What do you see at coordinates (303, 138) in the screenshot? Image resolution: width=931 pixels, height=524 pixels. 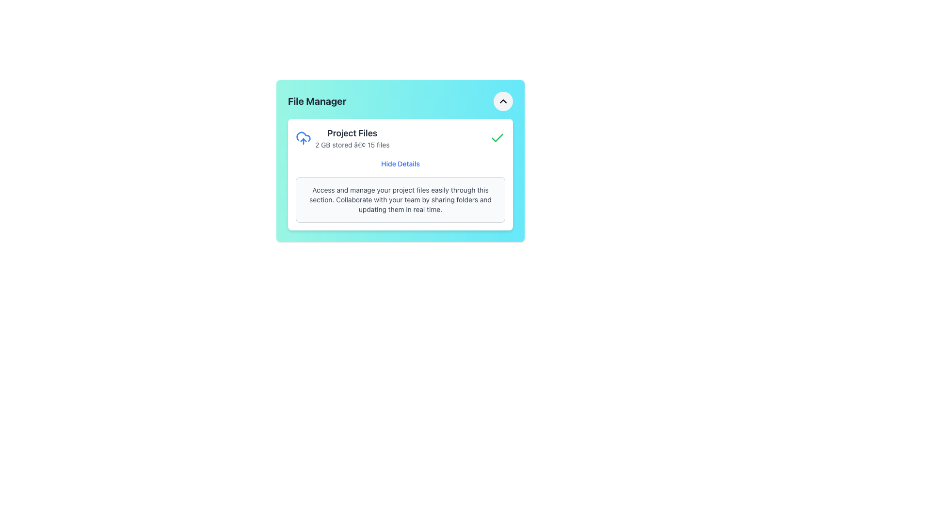 I see `the cloud upload icon located to the left of the 'Project Files' text in the File Manager section to initiate a cloud upload action` at bounding box center [303, 138].